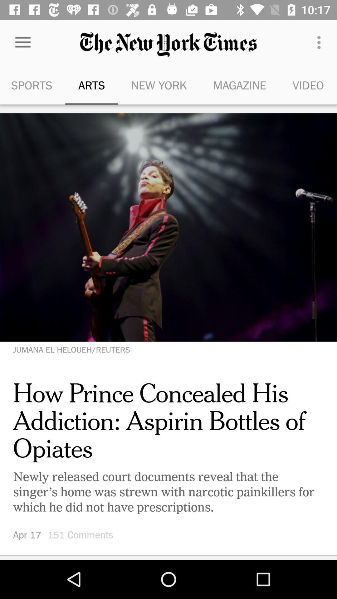 This screenshot has width=337, height=599. I want to click on the arts, so click(91, 85).